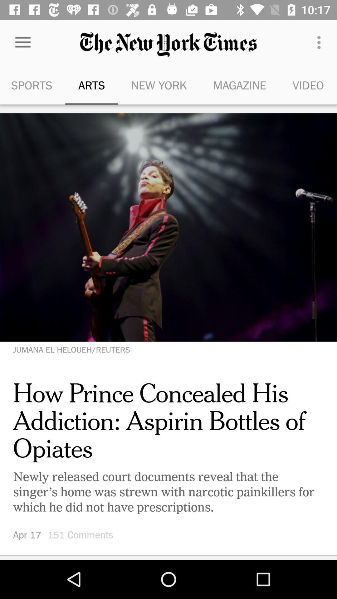 This screenshot has width=337, height=599. I want to click on the arts, so click(91, 85).